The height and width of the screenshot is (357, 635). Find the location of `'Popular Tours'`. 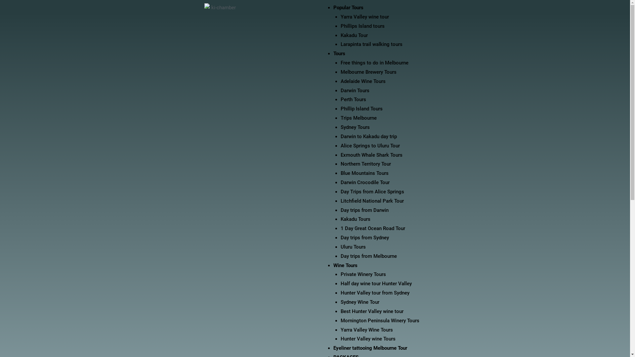

'Popular Tours' is located at coordinates (348, 8).